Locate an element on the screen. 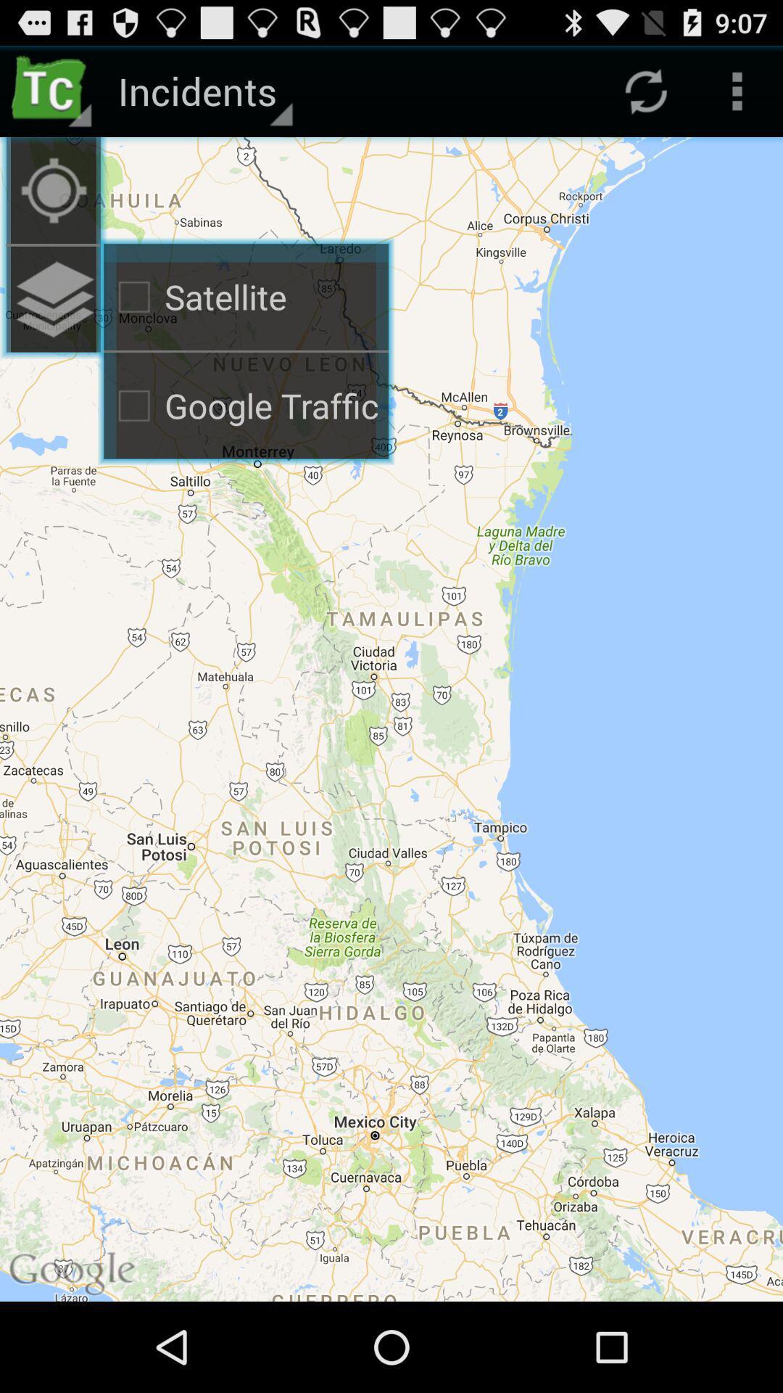 The image size is (783, 1393). item at the center is located at coordinates (391, 719).